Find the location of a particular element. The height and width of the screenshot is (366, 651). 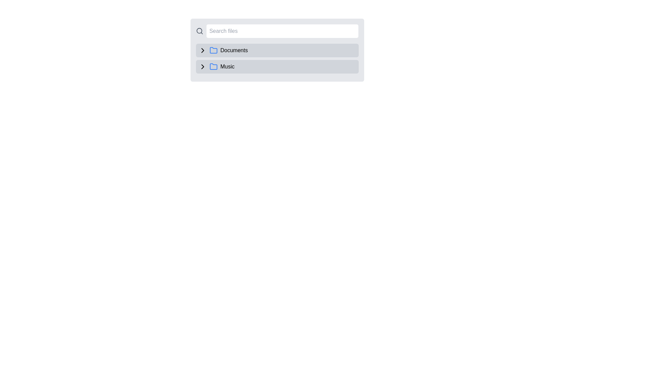

the circular part of the magnifying glass icon, which is styled with a gray stroke and positioned to the left of the 'Search files' input box is located at coordinates (199, 31).